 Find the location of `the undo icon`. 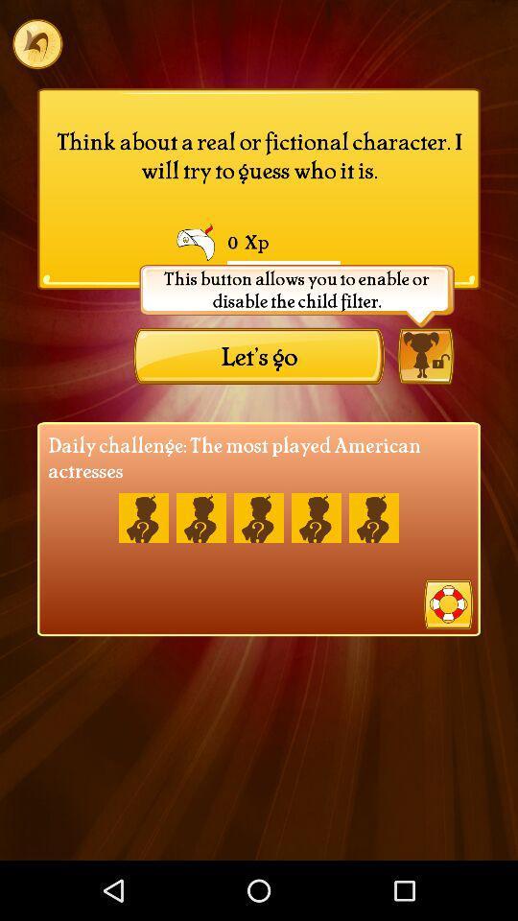

the undo icon is located at coordinates (37, 46).